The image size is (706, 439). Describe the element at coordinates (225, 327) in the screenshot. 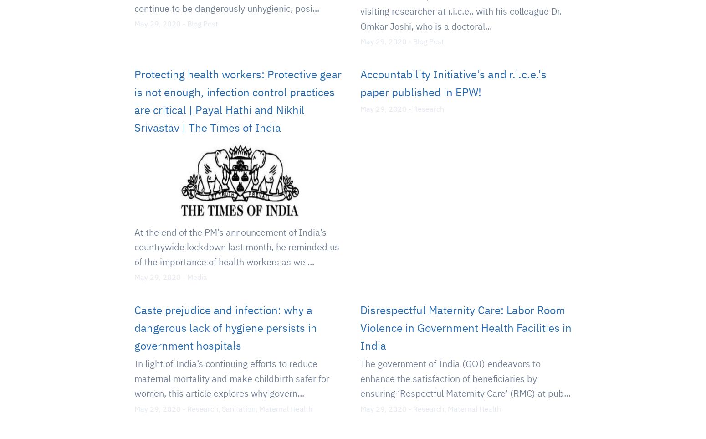

I see `'Caste prejudice and infection: why a dangerous lack of hygiene persists in government hospitals'` at that location.